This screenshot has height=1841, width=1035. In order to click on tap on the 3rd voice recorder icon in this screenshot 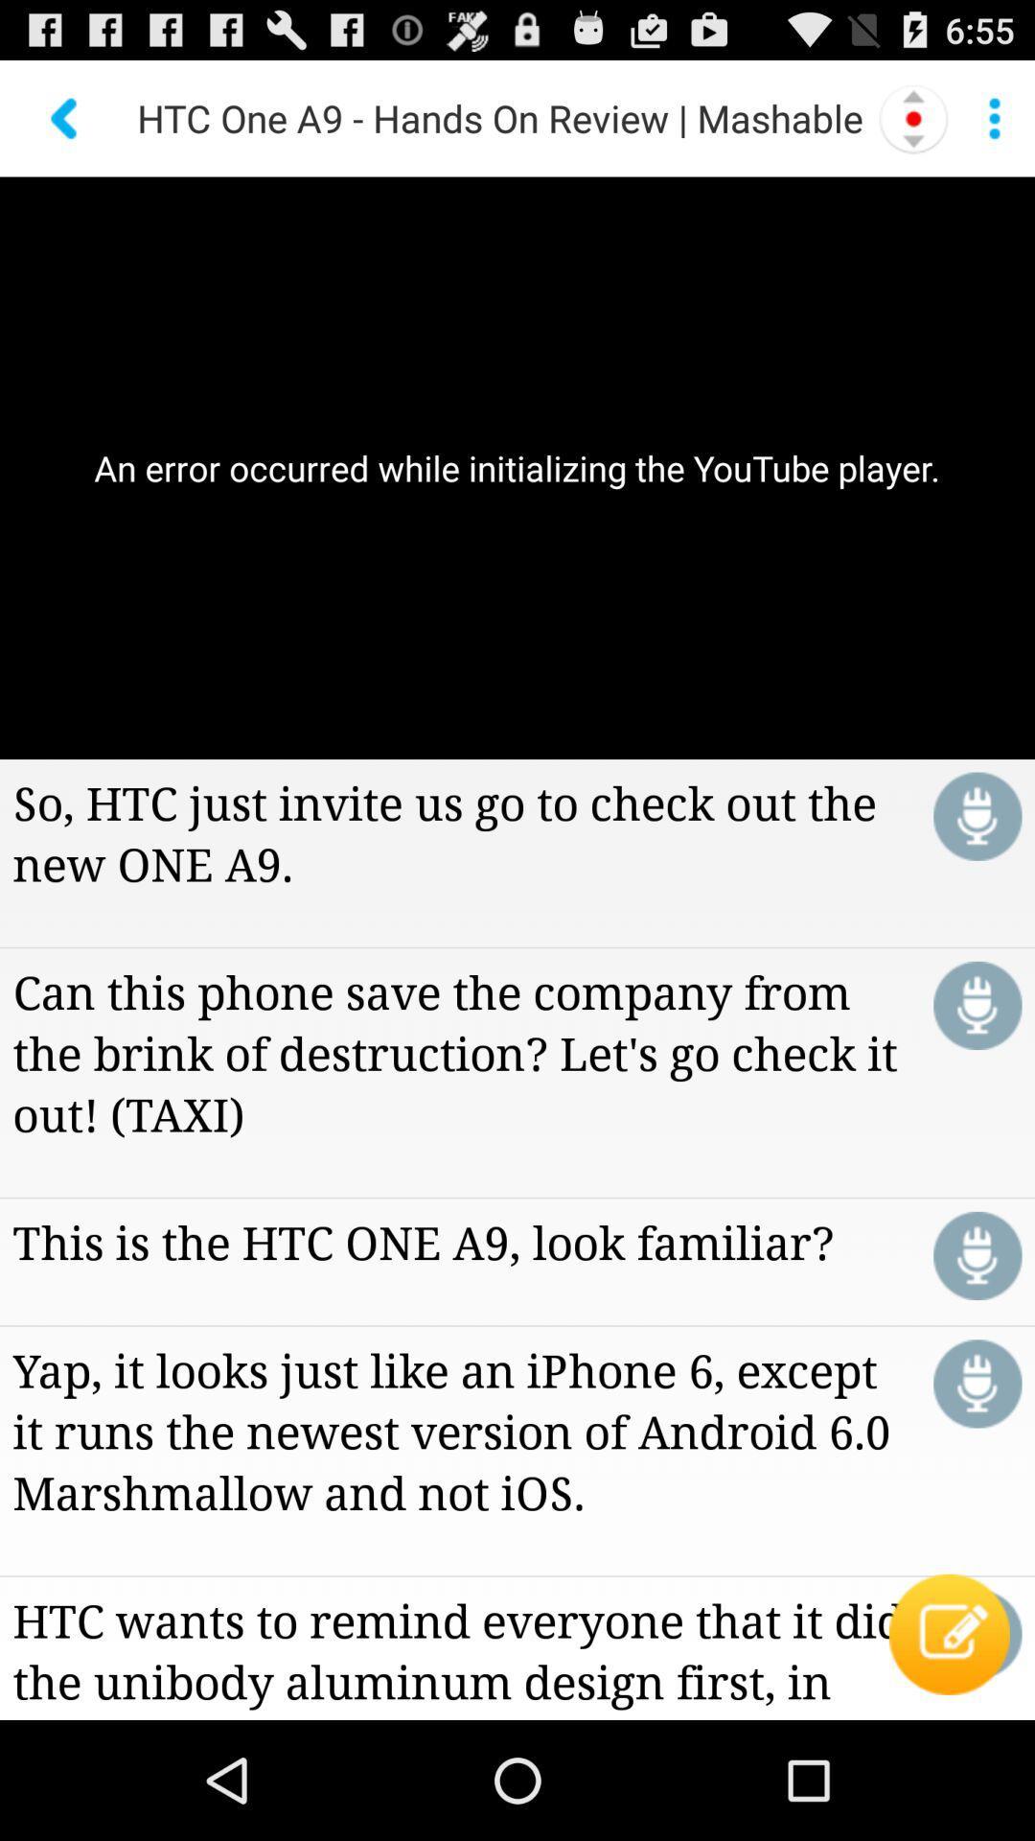, I will do `click(977, 1256)`.